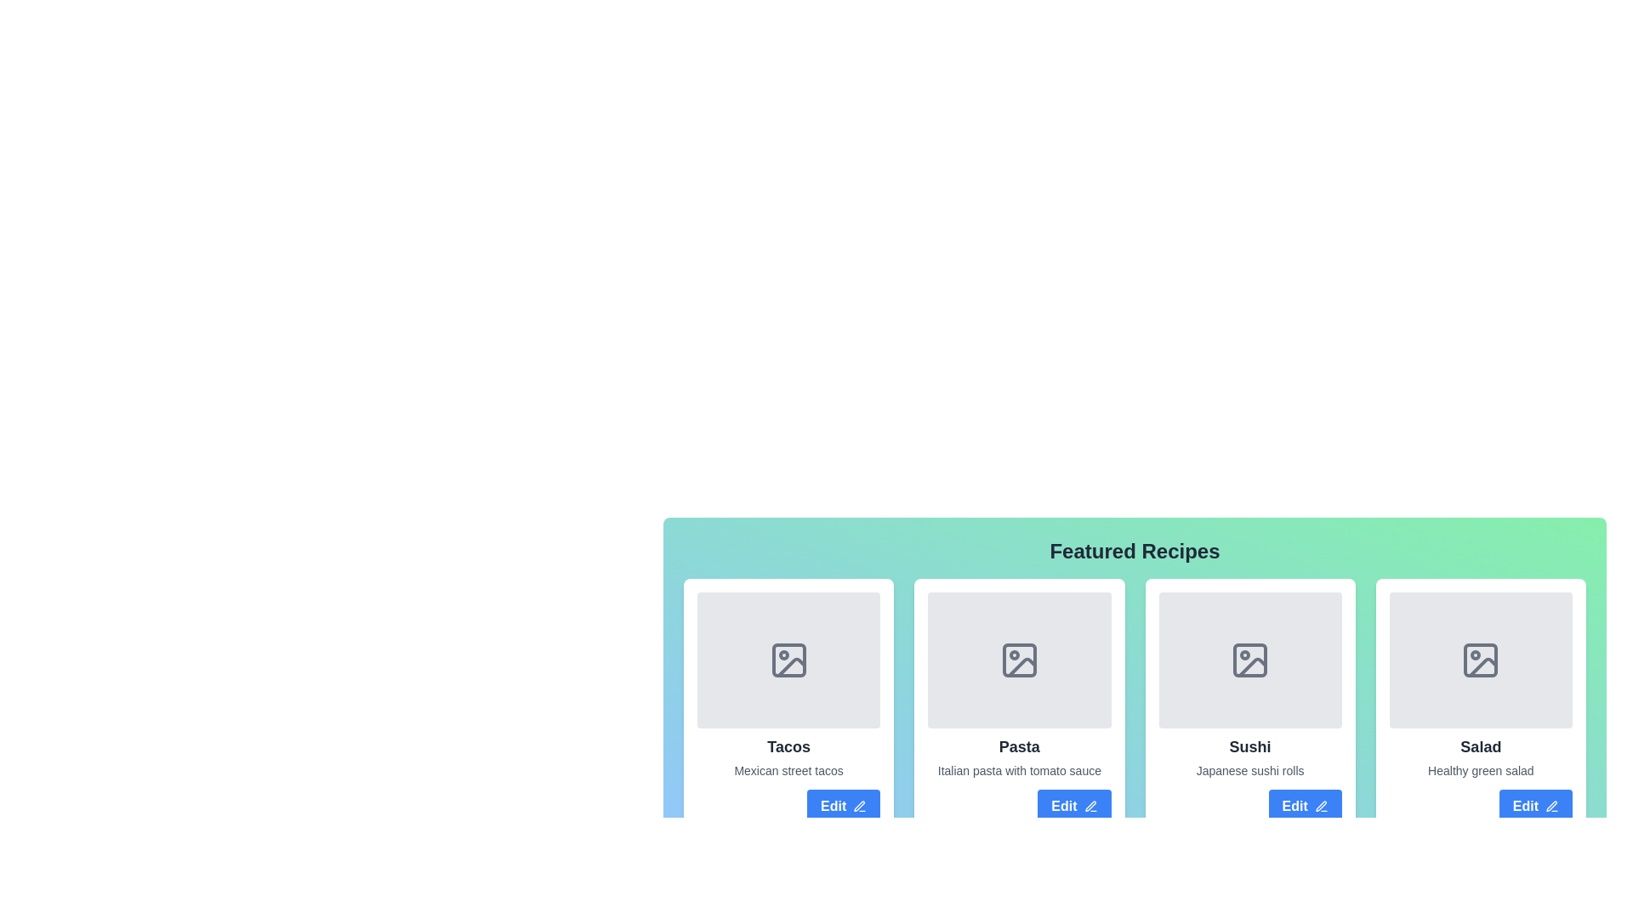 The width and height of the screenshot is (1633, 918). What do you see at coordinates (1250, 708) in the screenshot?
I see `the 'Sushi' recipe card, which is the third card in a 4-column grid layout, located between the 'Pasta' and 'Salad' cards in the middle row` at bounding box center [1250, 708].